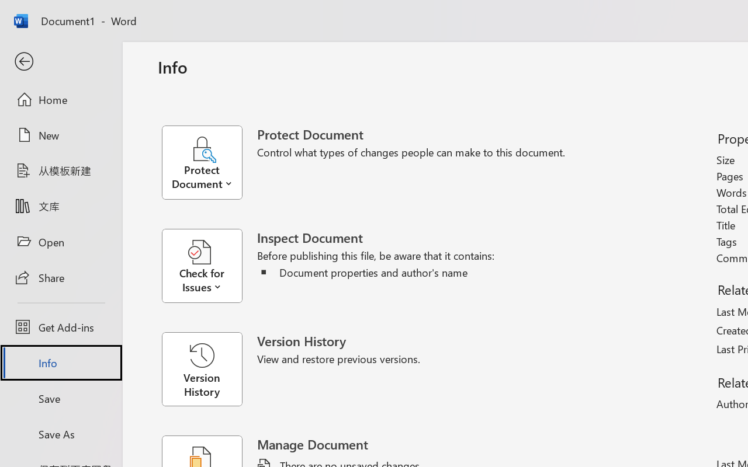 The image size is (748, 467). I want to click on 'Back', so click(60, 61).